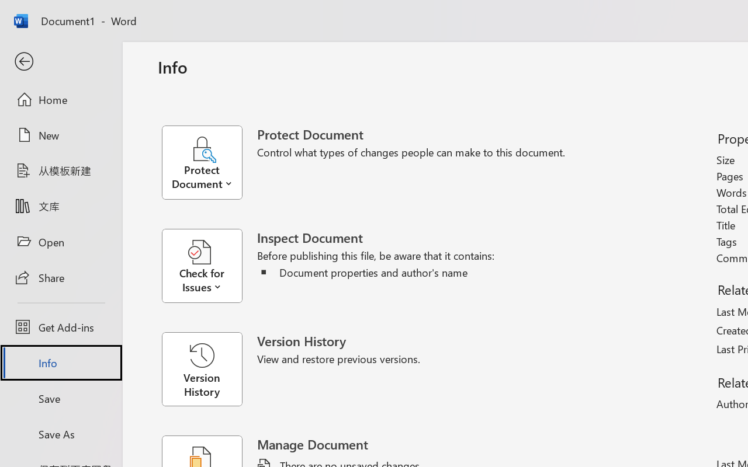 The image size is (748, 467). I want to click on 'Back', so click(60, 61).